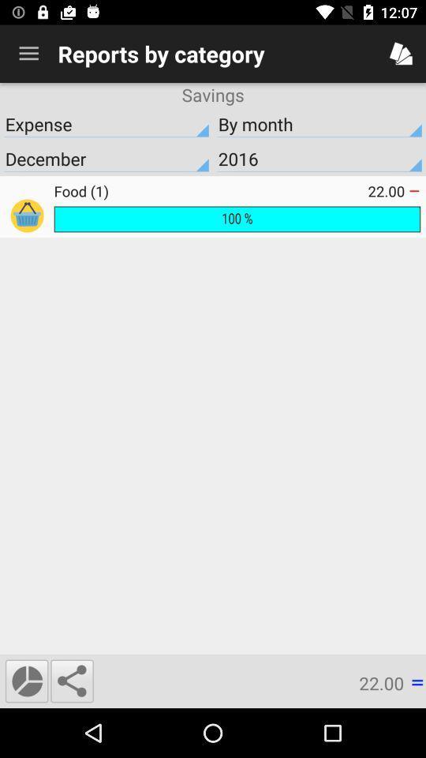 The width and height of the screenshot is (426, 758). What do you see at coordinates (319, 123) in the screenshot?
I see `the item next to the expense` at bounding box center [319, 123].